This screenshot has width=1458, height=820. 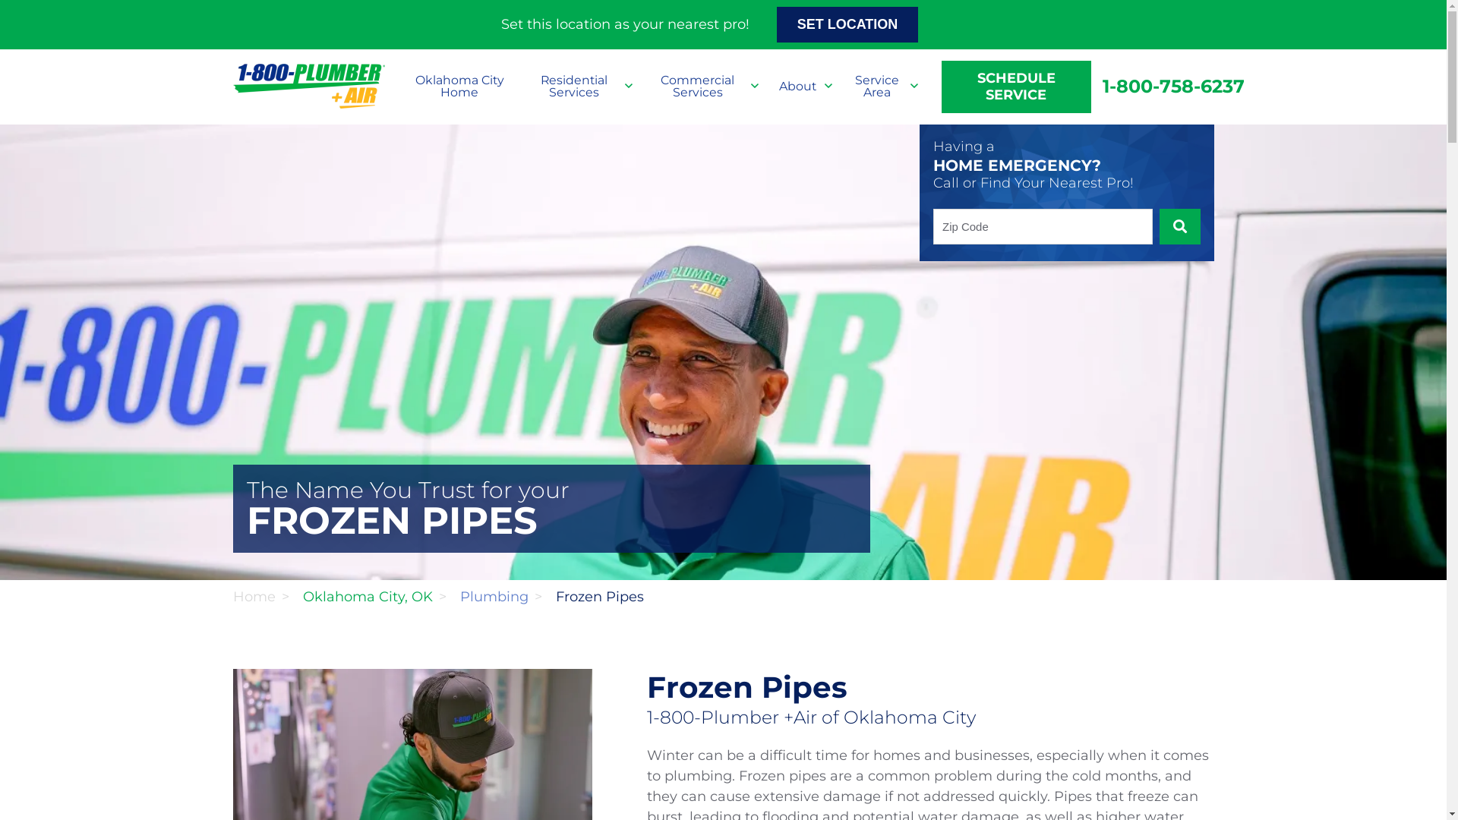 I want to click on 'Service Area', so click(x=882, y=87).